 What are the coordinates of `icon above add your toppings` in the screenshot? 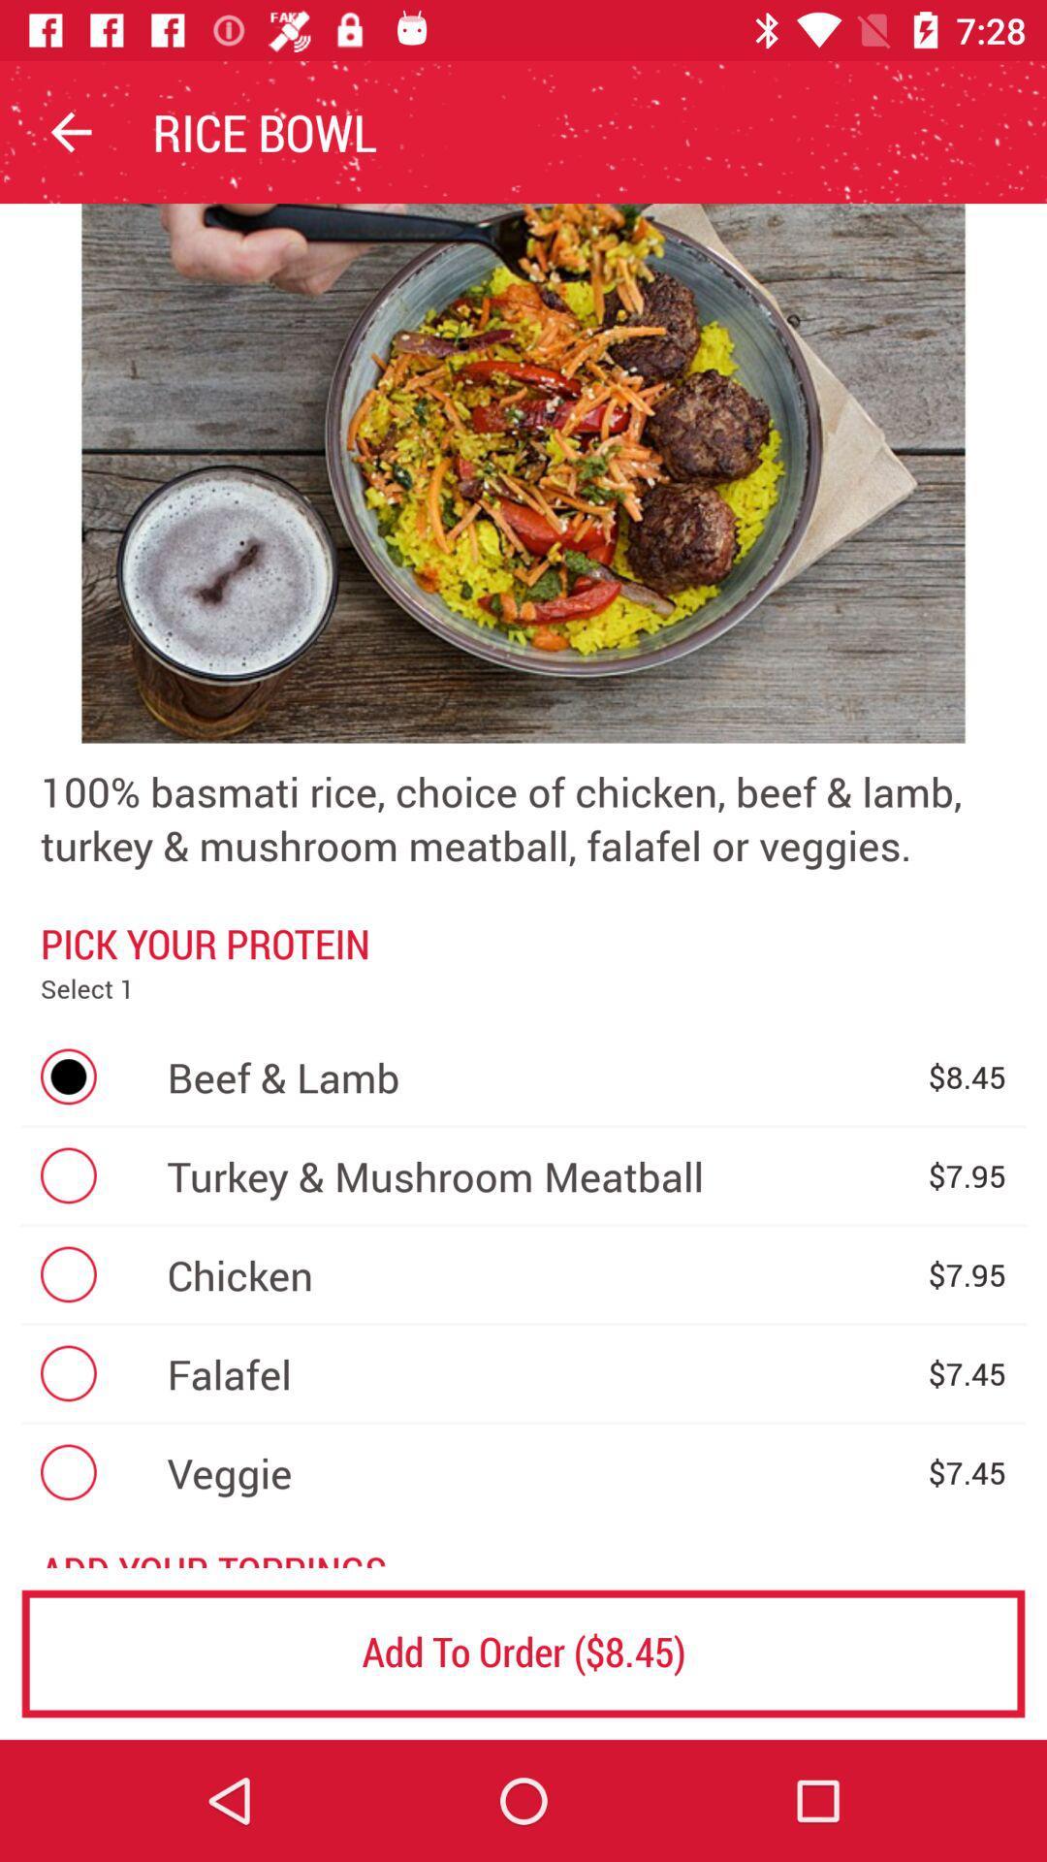 It's located at (537, 1472).